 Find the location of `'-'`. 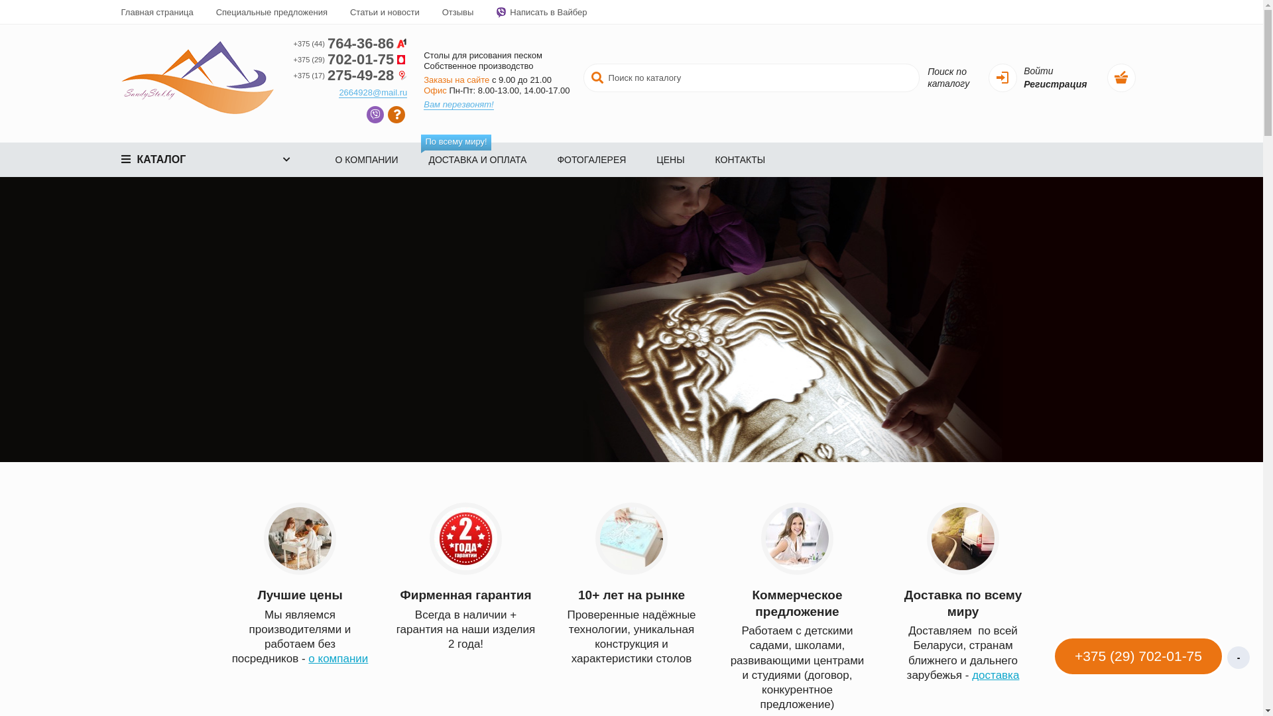

'-' is located at coordinates (1227, 657).